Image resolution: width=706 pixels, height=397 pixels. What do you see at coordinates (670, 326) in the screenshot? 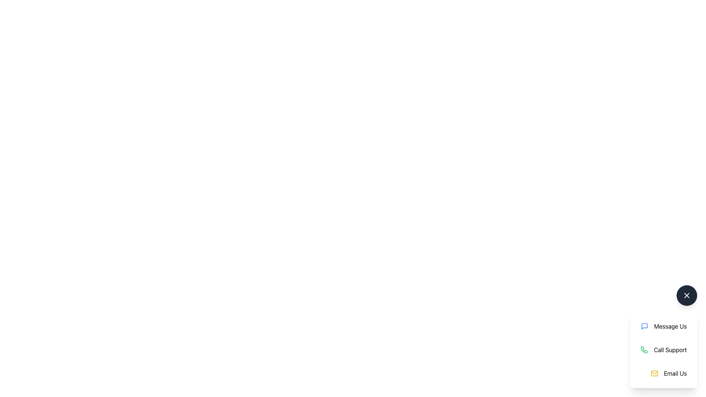
I see `text label that displays 'Message Us', which is styled in black and located to the right of a blue message icon in a dropdown menu` at bounding box center [670, 326].